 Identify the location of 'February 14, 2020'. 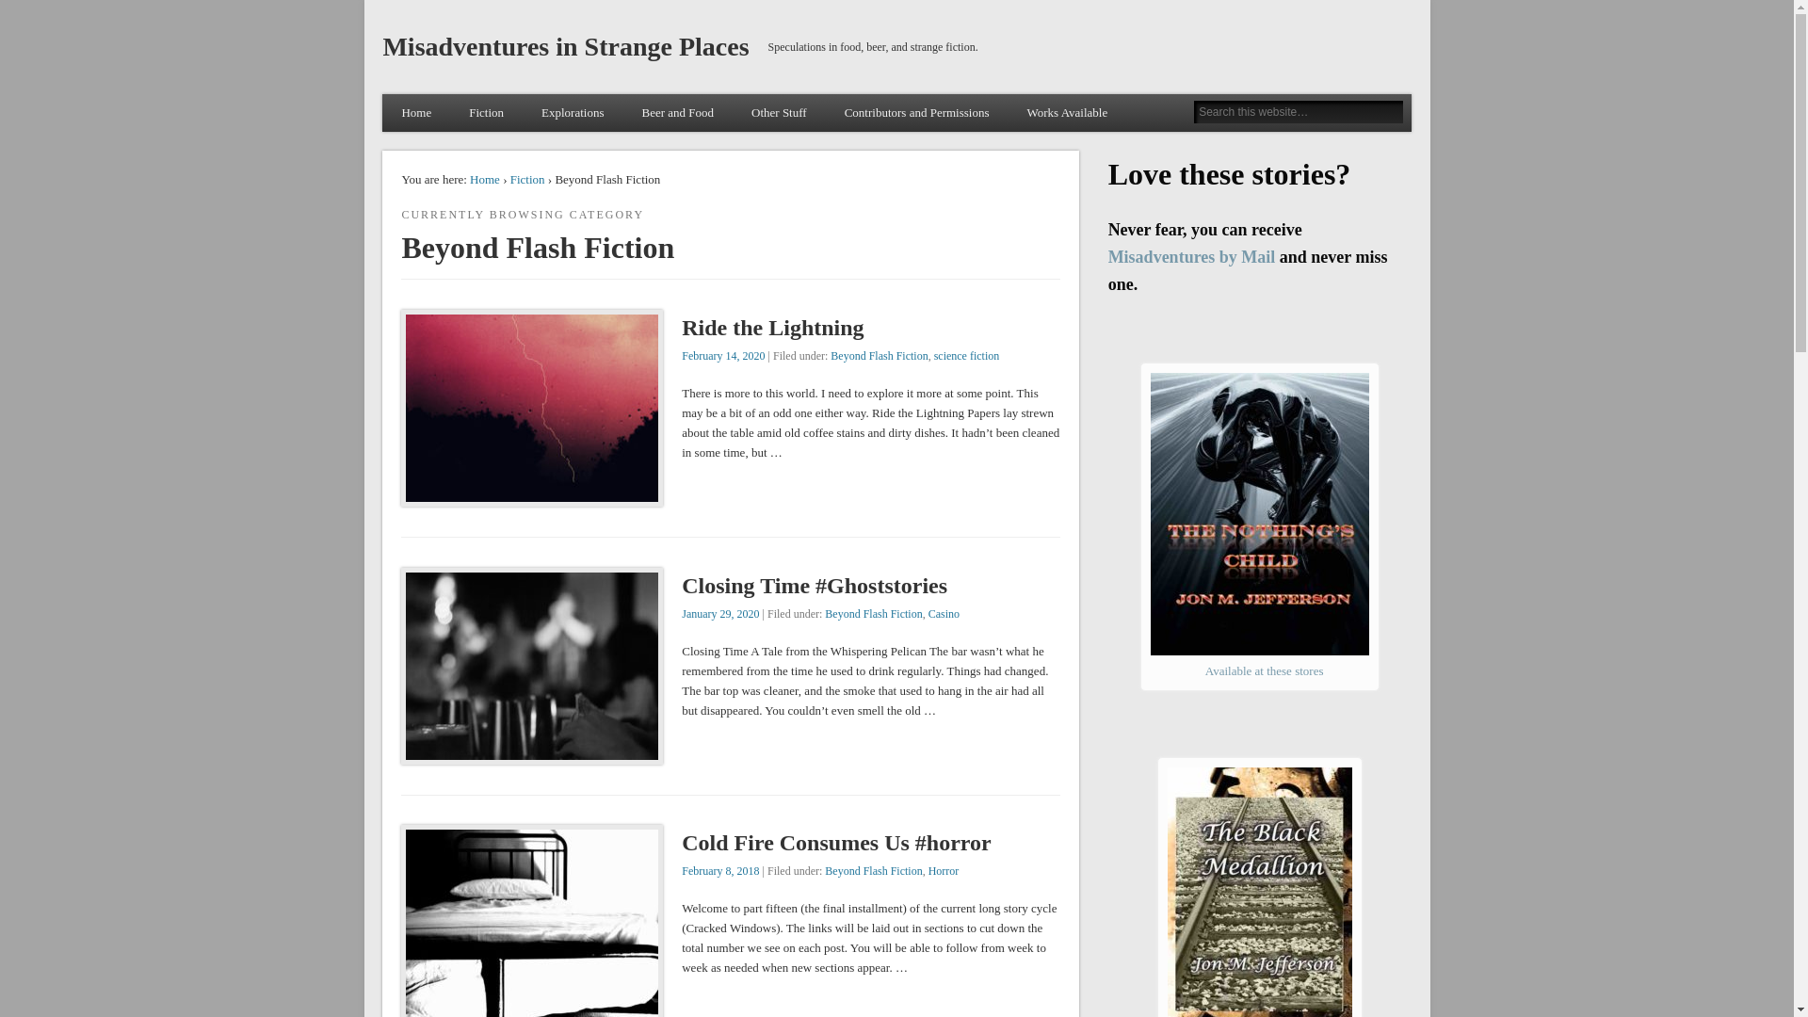
(722, 356).